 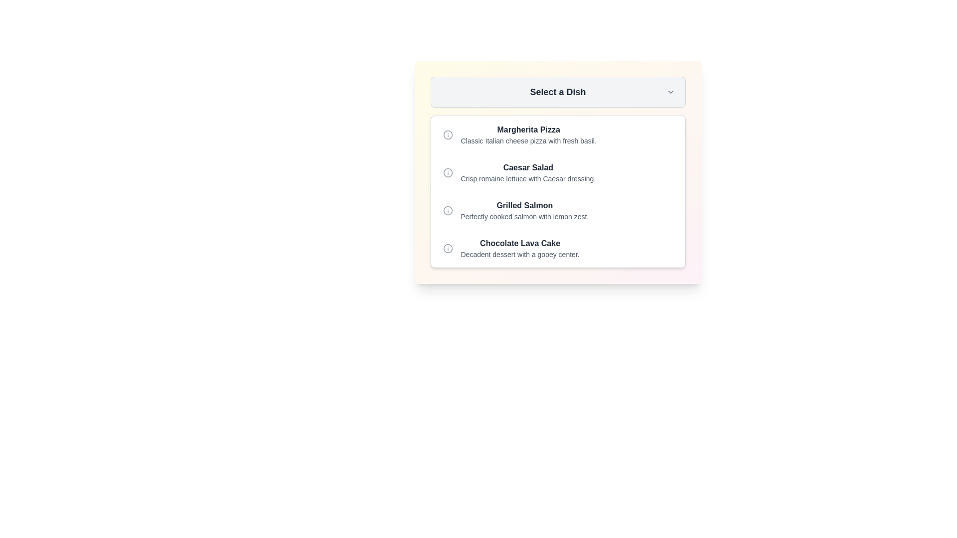 I want to click on supplementary text description below the 'Margherita Pizza' option in the menu, so click(x=528, y=140).